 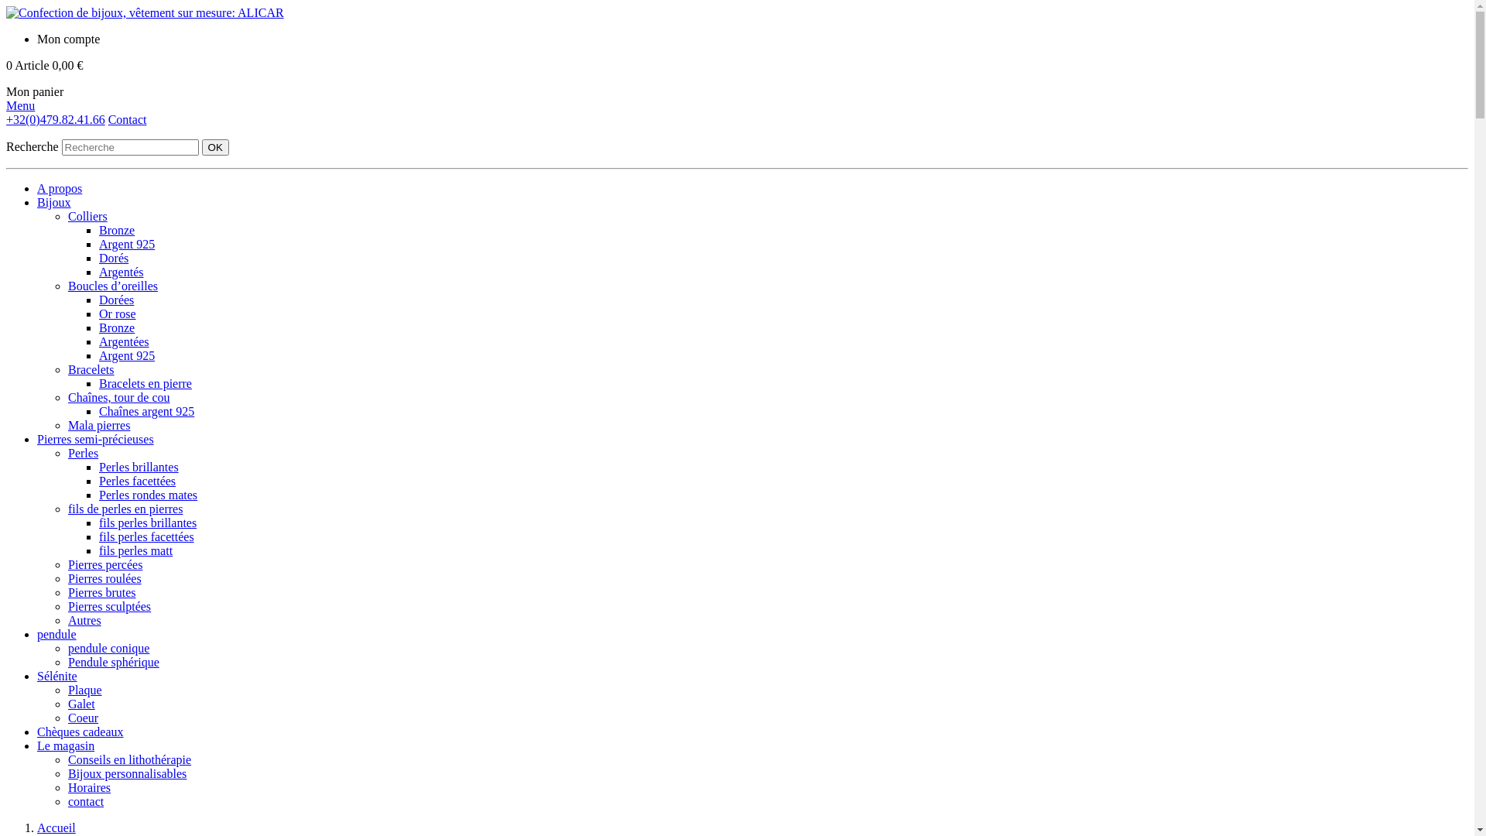 I want to click on 'Bijoux personnalisables', so click(x=127, y=773).